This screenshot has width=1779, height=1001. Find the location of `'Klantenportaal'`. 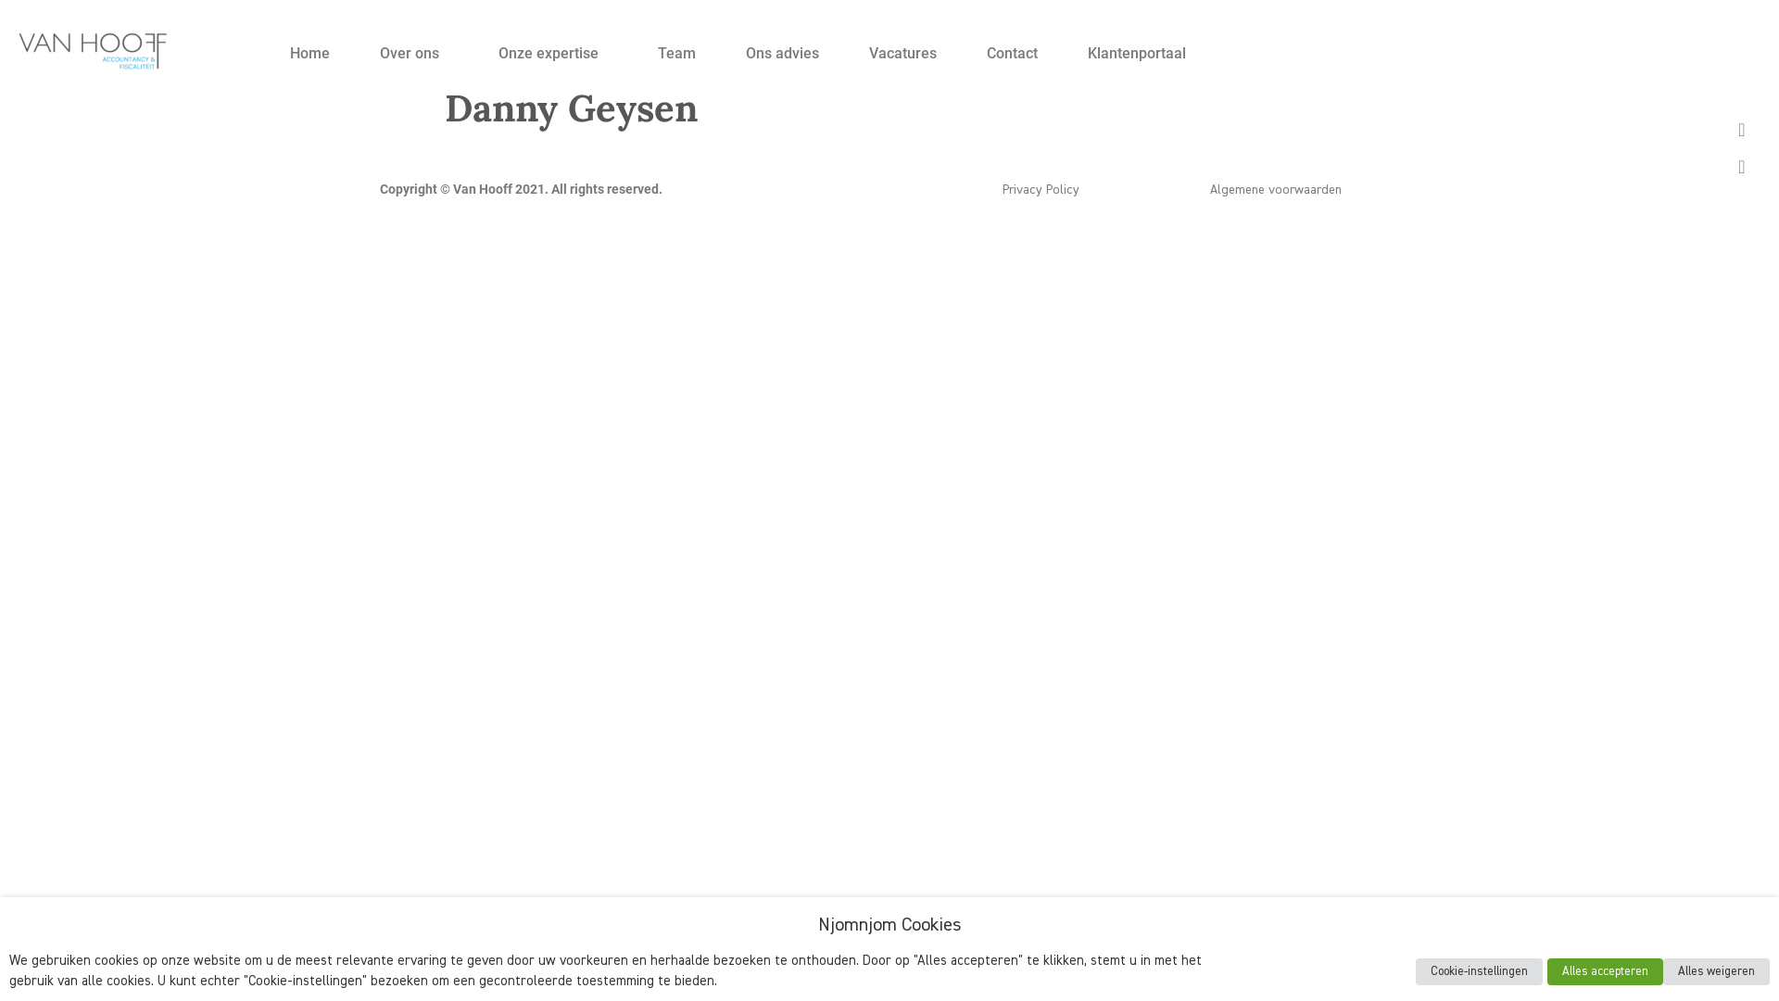

'Klantenportaal' is located at coordinates (1136, 52).